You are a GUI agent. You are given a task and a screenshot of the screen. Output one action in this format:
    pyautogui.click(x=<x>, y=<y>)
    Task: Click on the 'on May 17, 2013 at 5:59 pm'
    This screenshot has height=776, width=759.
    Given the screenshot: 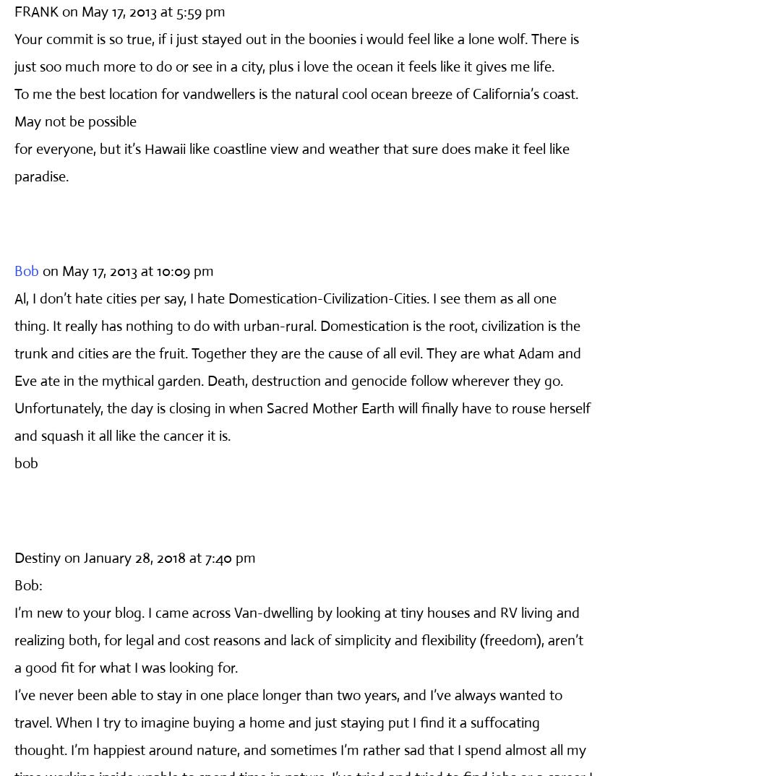 What is the action you would take?
    pyautogui.click(x=142, y=10)
    